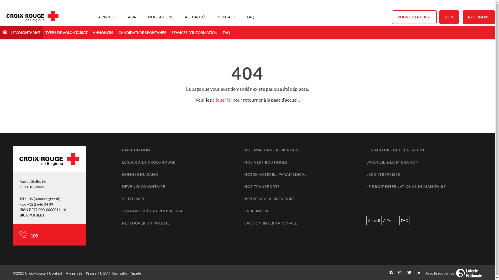  What do you see at coordinates (414, 17) in the screenshot?
I see `'VOUS CHERCHEZ'` at bounding box center [414, 17].